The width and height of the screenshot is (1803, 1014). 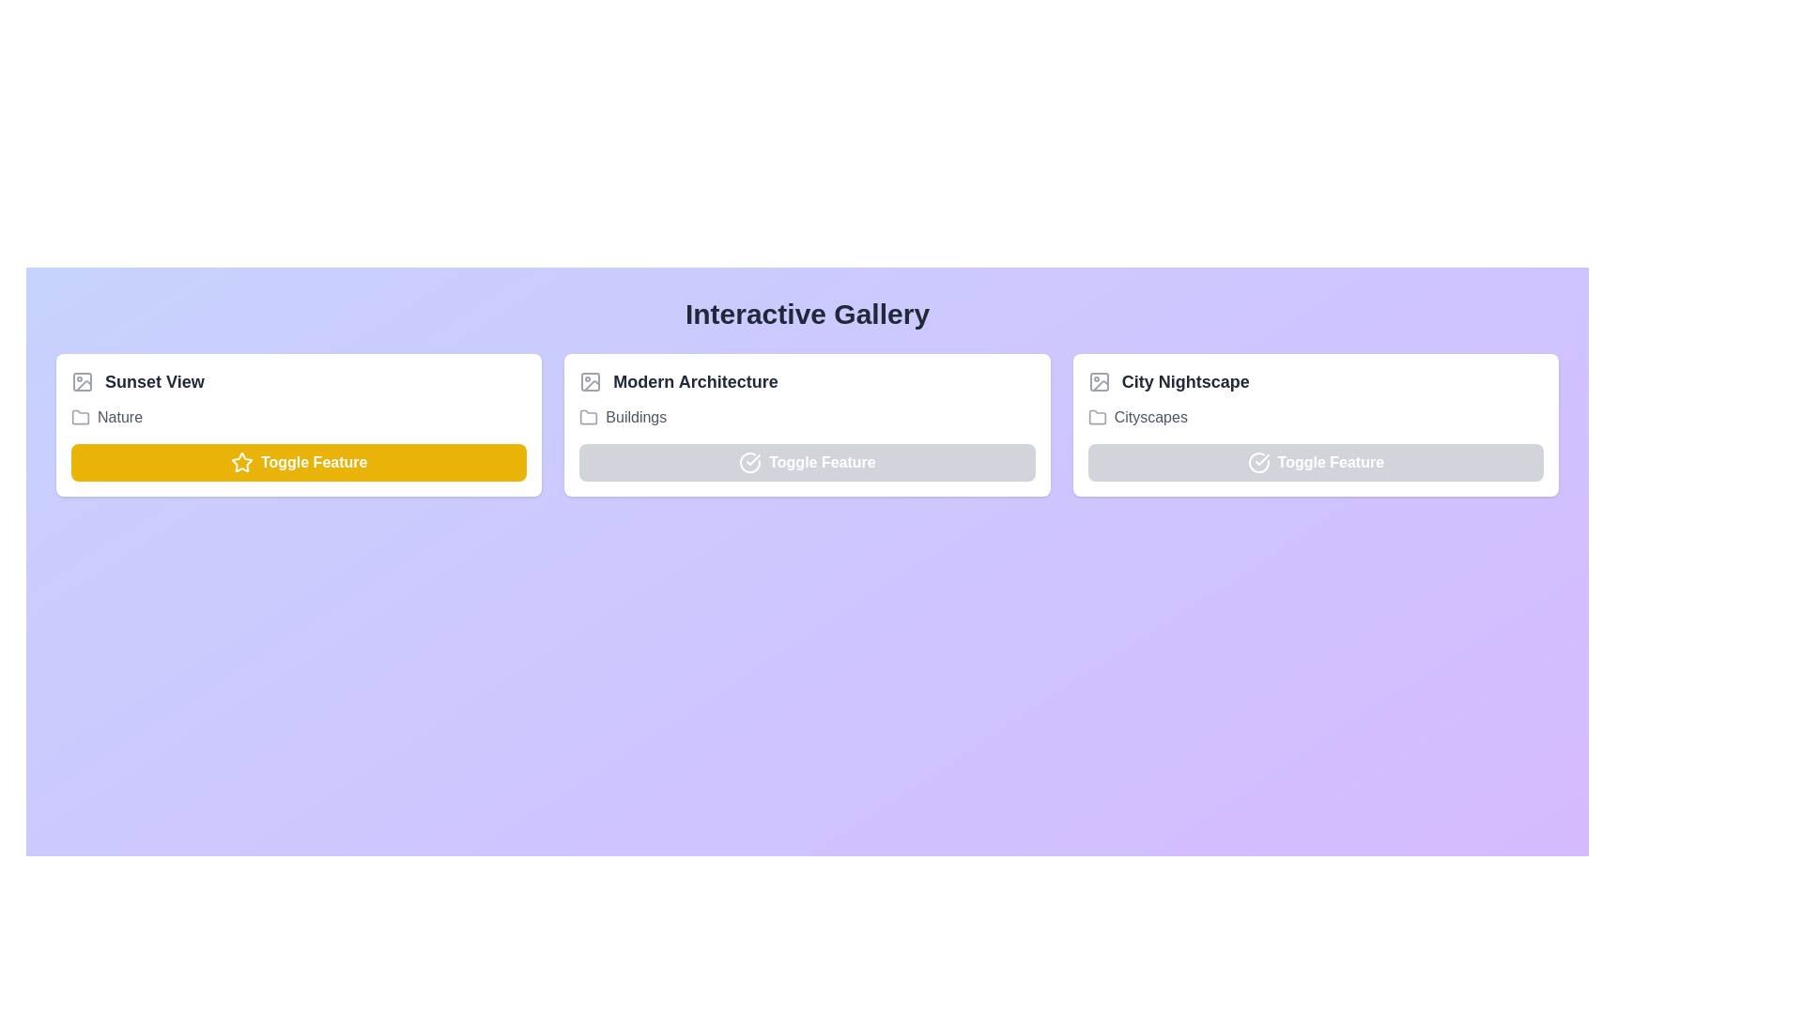 What do you see at coordinates (588, 416) in the screenshot?
I see `the small grayscale folder icon located within the 'Modern Architecture' card, adjacent to the 'Buildings' label` at bounding box center [588, 416].